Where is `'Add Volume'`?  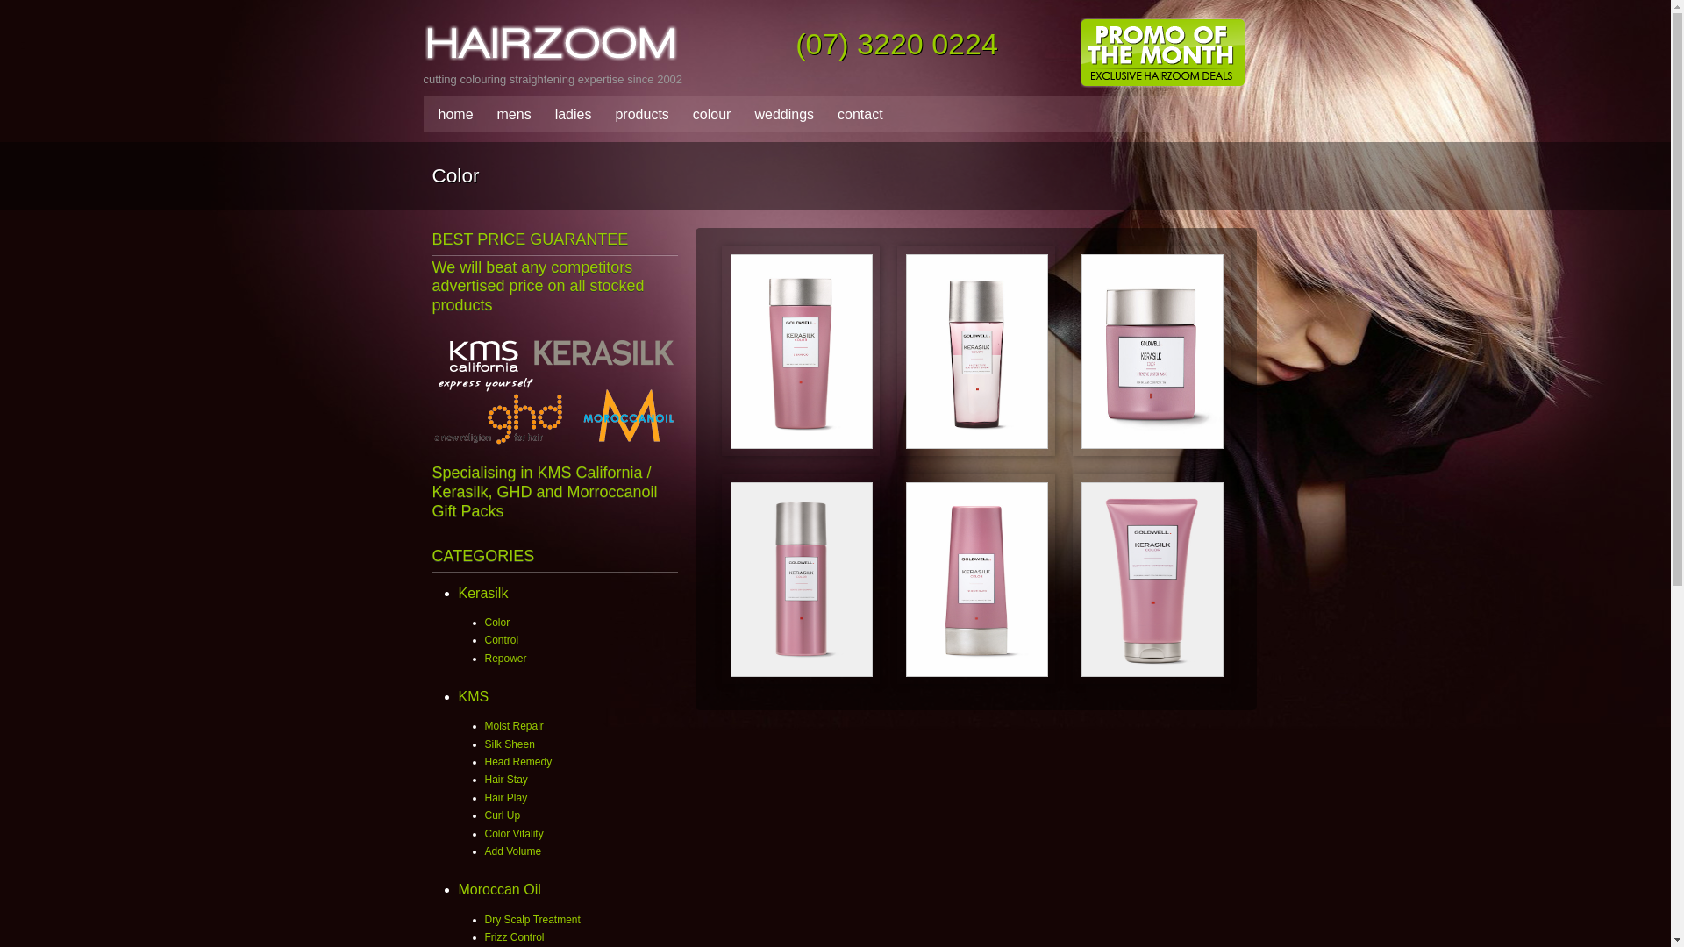 'Add Volume' is located at coordinates (511, 851).